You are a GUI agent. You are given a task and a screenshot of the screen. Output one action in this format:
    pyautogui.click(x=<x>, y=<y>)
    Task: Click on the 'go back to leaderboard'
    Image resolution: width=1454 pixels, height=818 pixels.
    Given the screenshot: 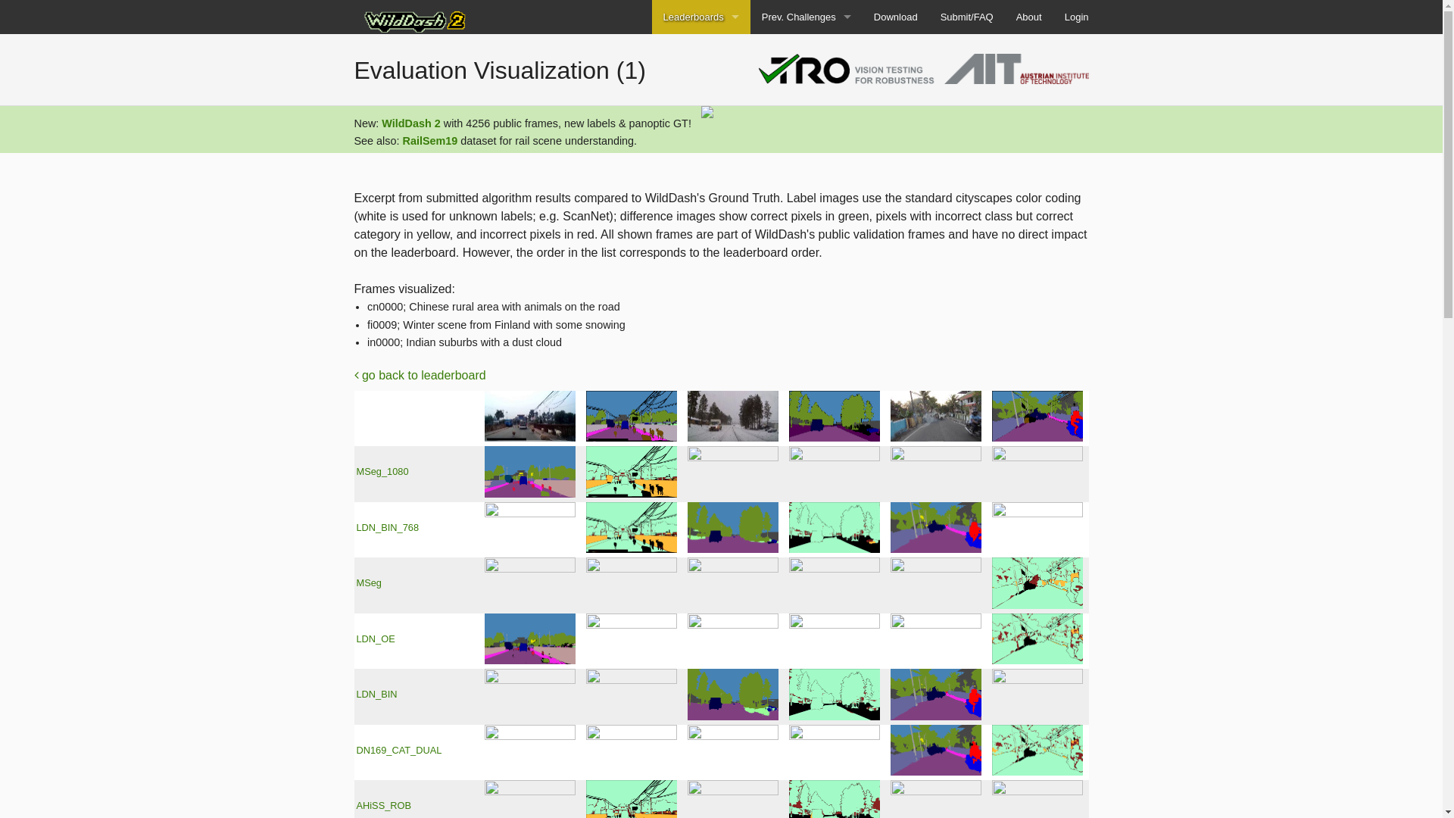 What is the action you would take?
    pyautogui.click(x=420, y=375)
    